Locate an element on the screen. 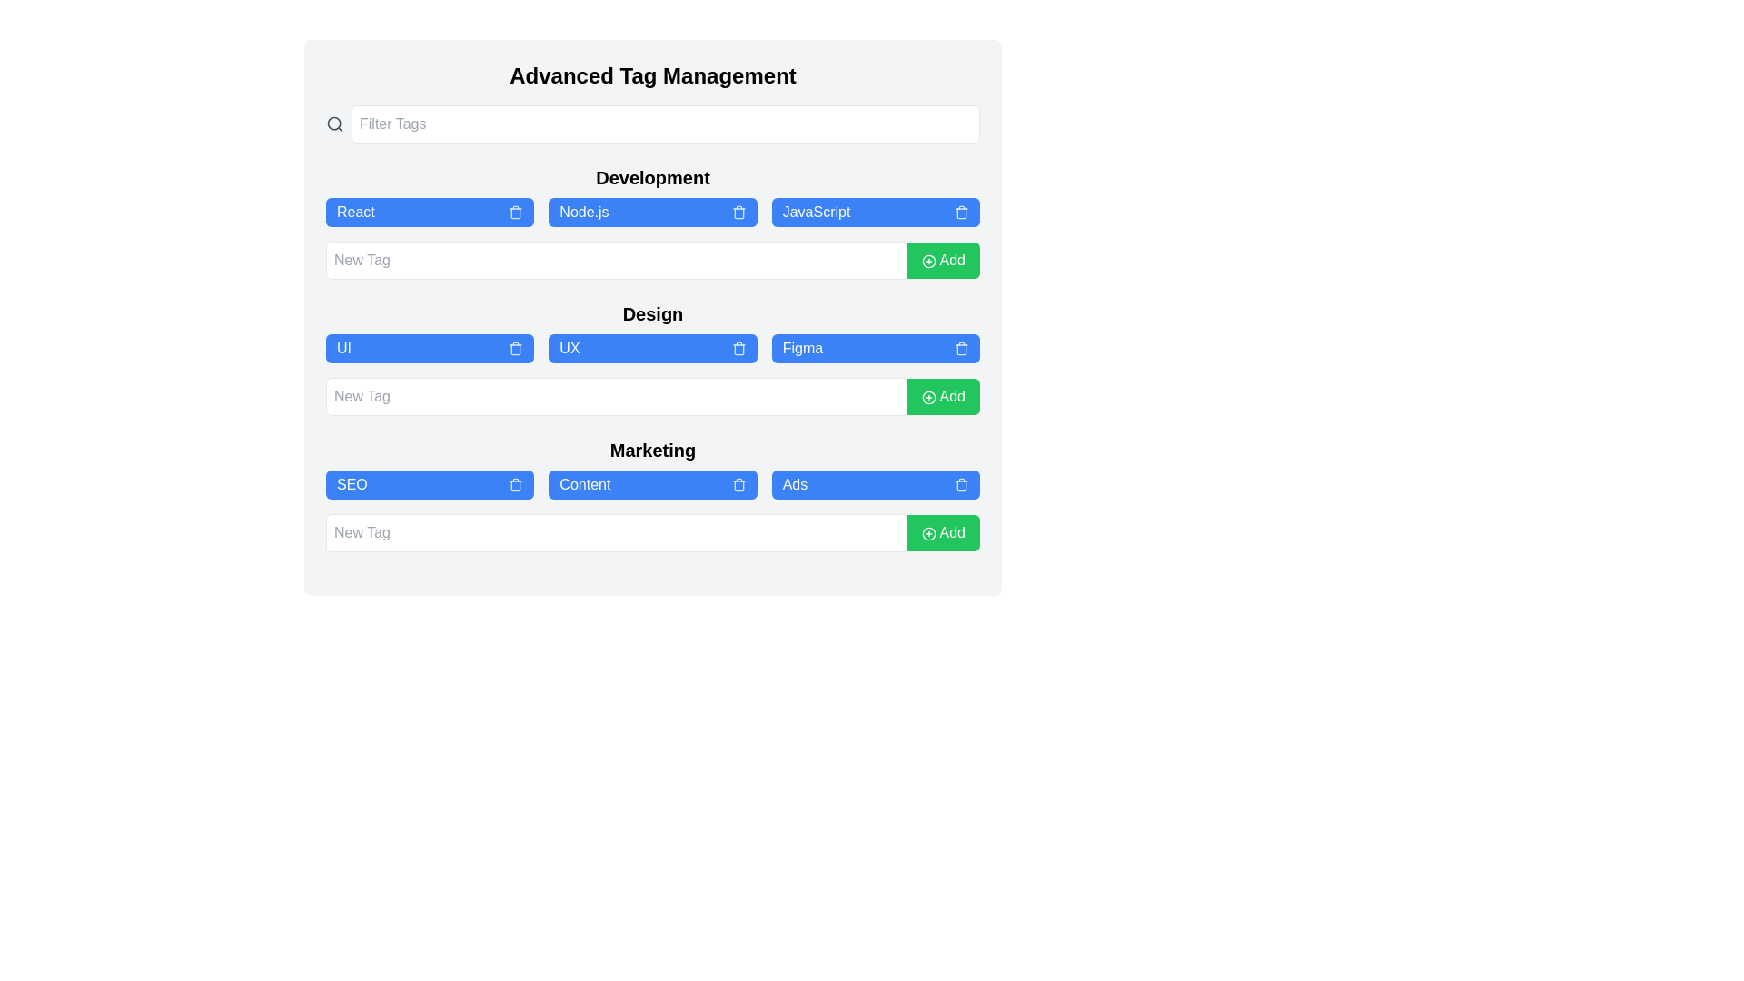 This screenshot has height=981, width=1744. the static text label displaying 'SEO' in white on a blue background, located in the 'Marketing' section of the interface is located at coordinates (352, 483).